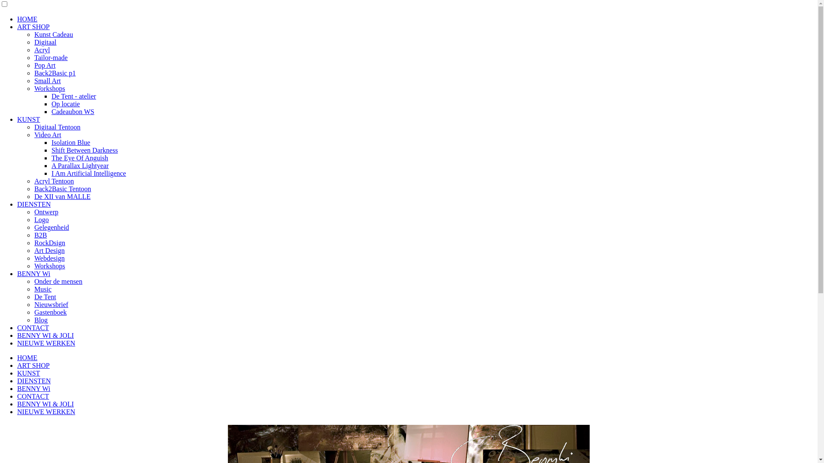 The image size is (824, 463). Describe the element at coordinates (34, 81) in the screenshot. I see `'Small Art'` at that location.